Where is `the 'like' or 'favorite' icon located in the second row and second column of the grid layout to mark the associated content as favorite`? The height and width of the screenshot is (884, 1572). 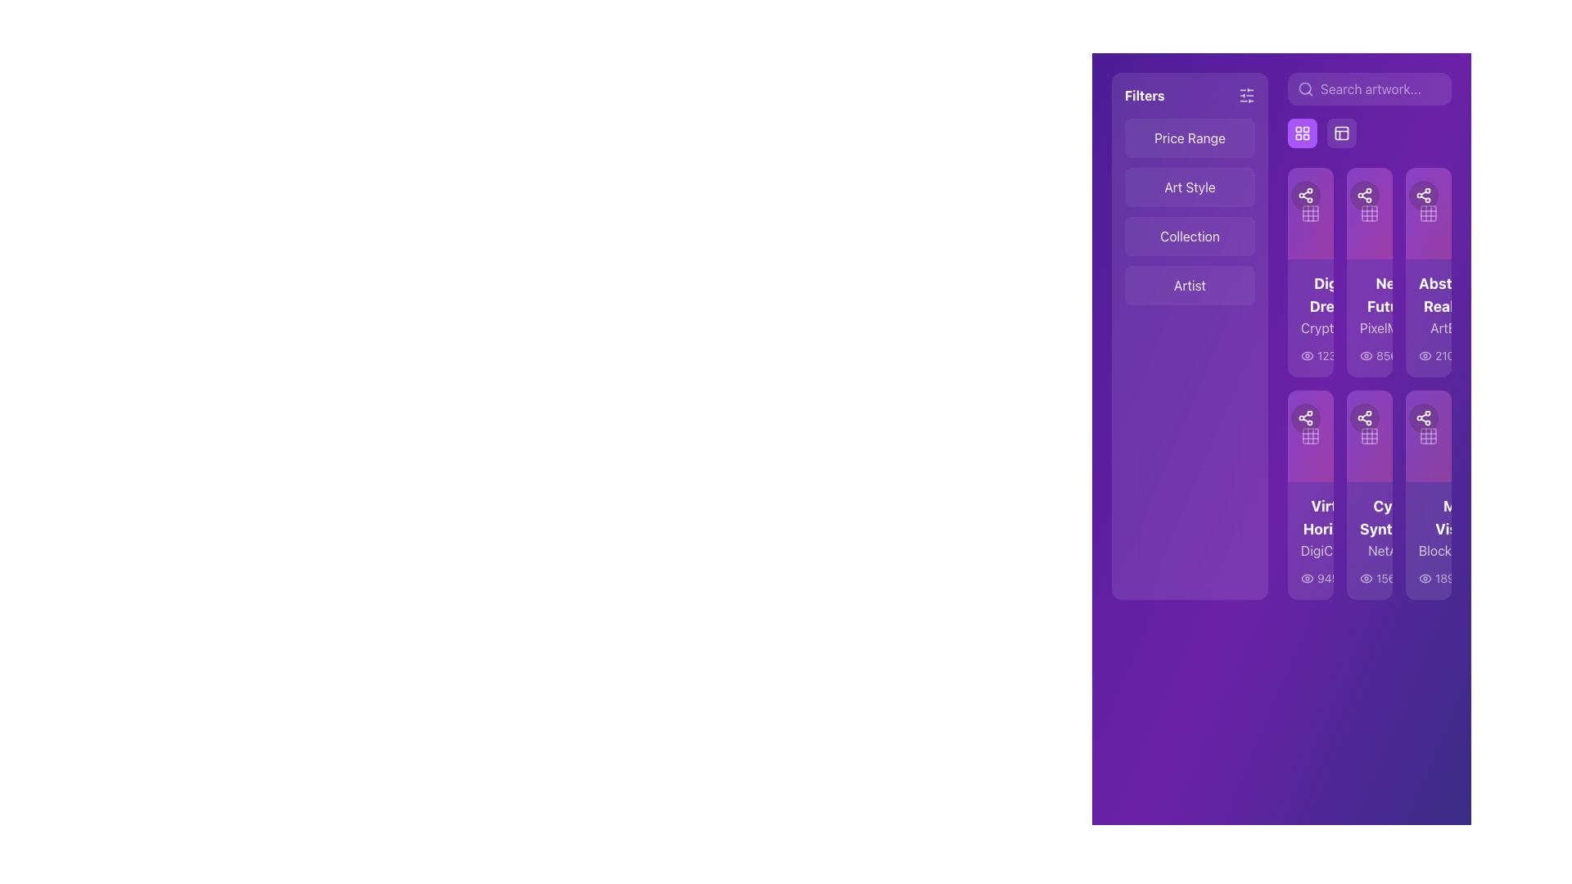
the 'like' or 'favorite' icon located in the second row and second column of the grid layout to mark the associated content as favorite is located at coordinates (1386, 417).